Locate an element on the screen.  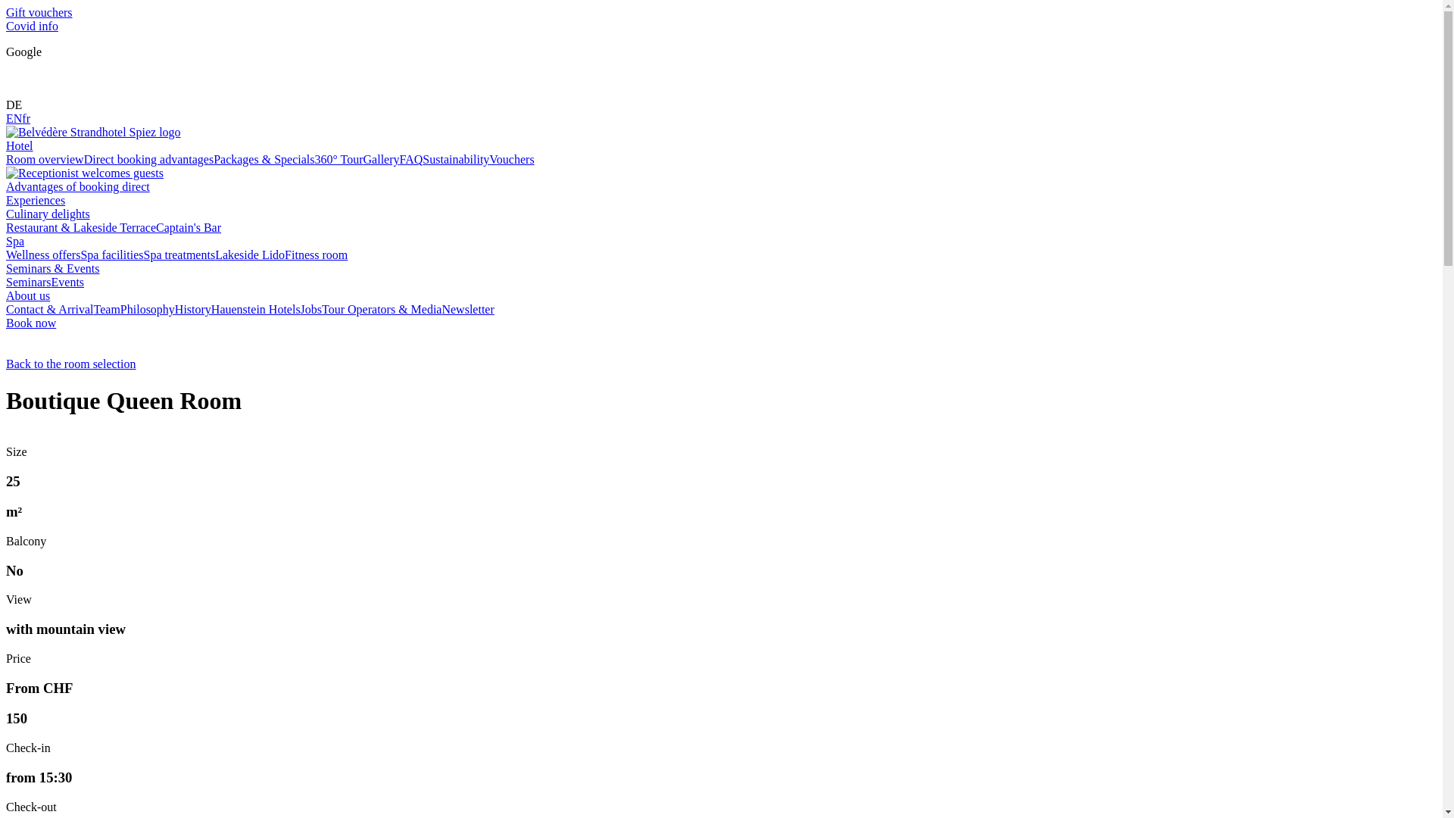
'Wellness offers' is located at coordinates (43, 254).